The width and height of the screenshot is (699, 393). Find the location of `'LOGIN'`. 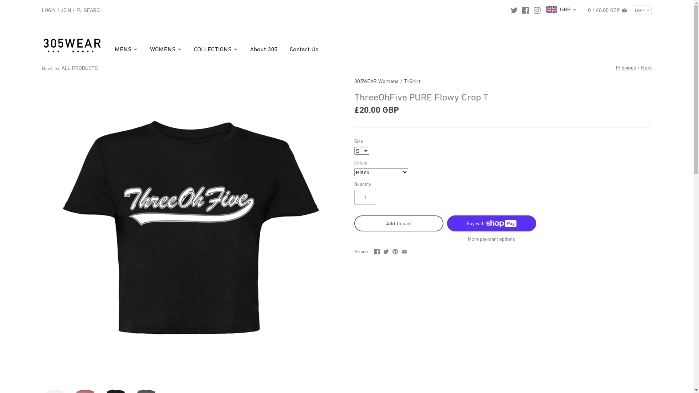

'LOGIN' is located at coordinates (48, 9).